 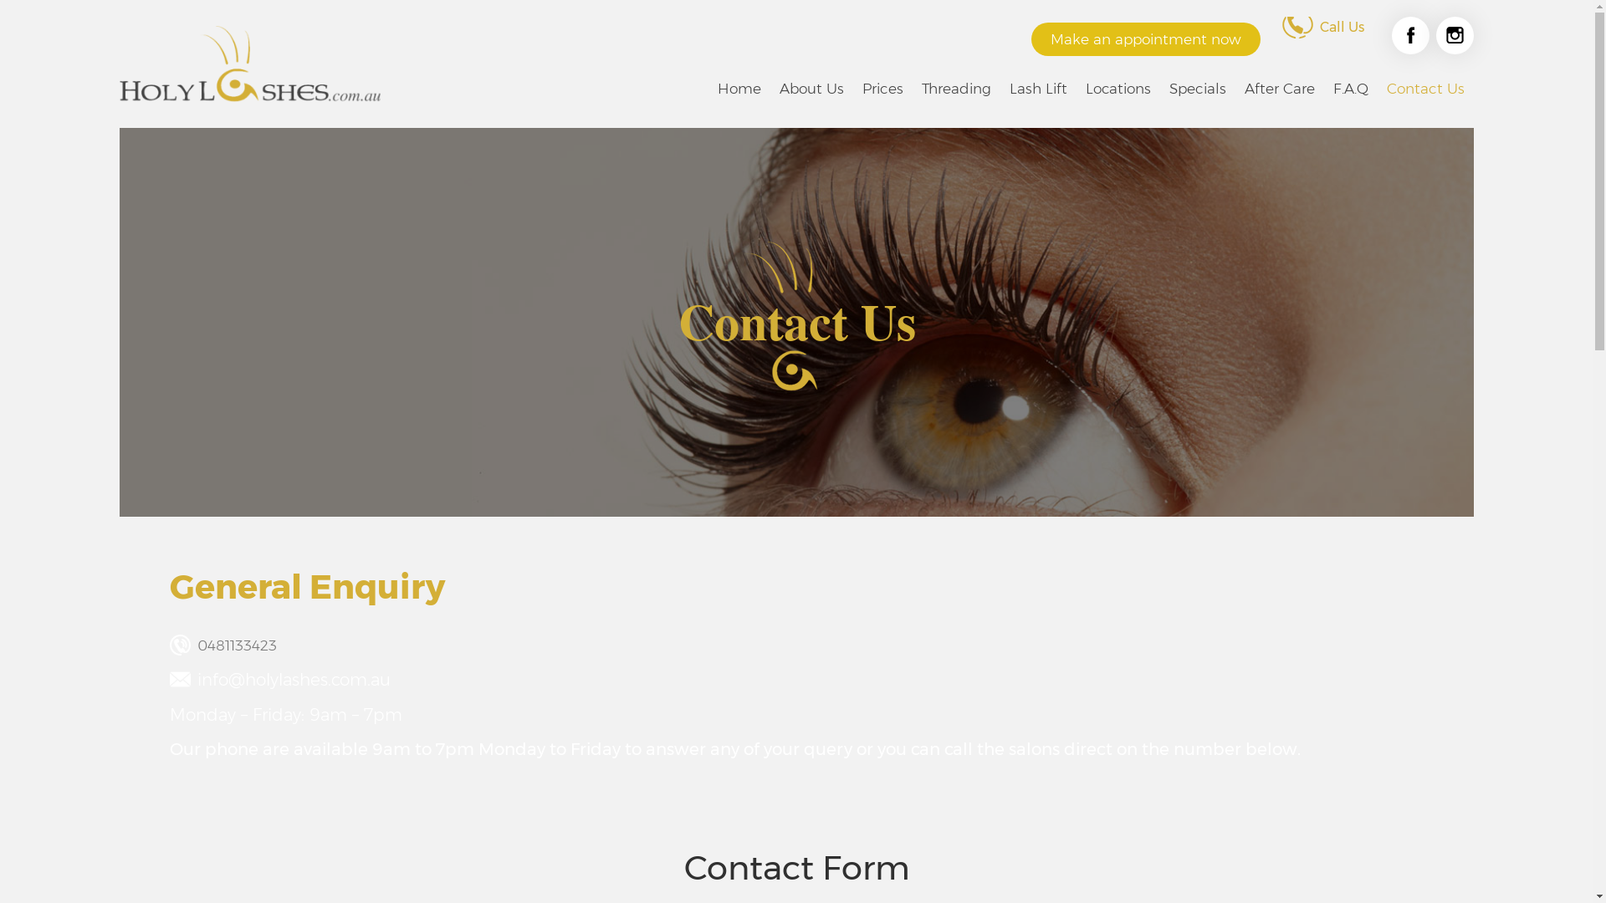 I want to click on 'info@holylashes.com.au', so click(x=294, y=680).